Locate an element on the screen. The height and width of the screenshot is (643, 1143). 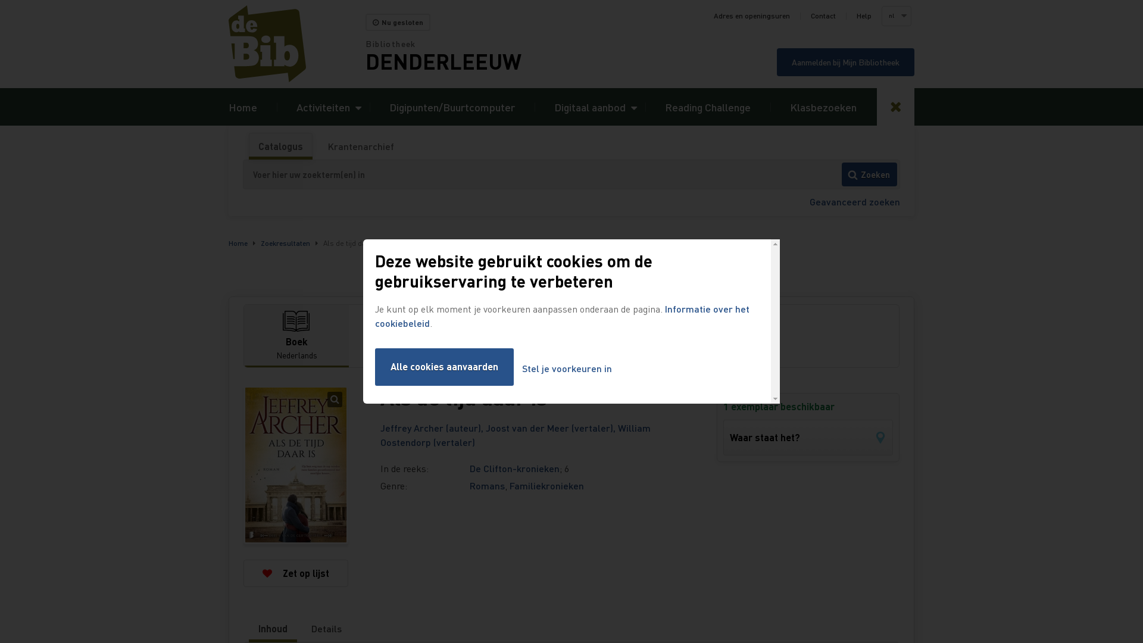
'Digipunten/Buurtcomputer' is located at coordinates (451, 106).